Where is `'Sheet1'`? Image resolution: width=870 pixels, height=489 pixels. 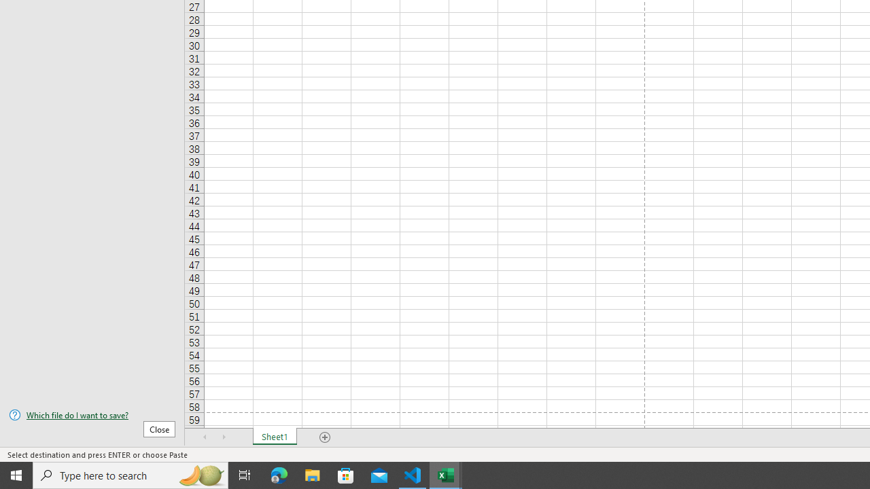 'Sheet1' is located at coordinates (274, 437).